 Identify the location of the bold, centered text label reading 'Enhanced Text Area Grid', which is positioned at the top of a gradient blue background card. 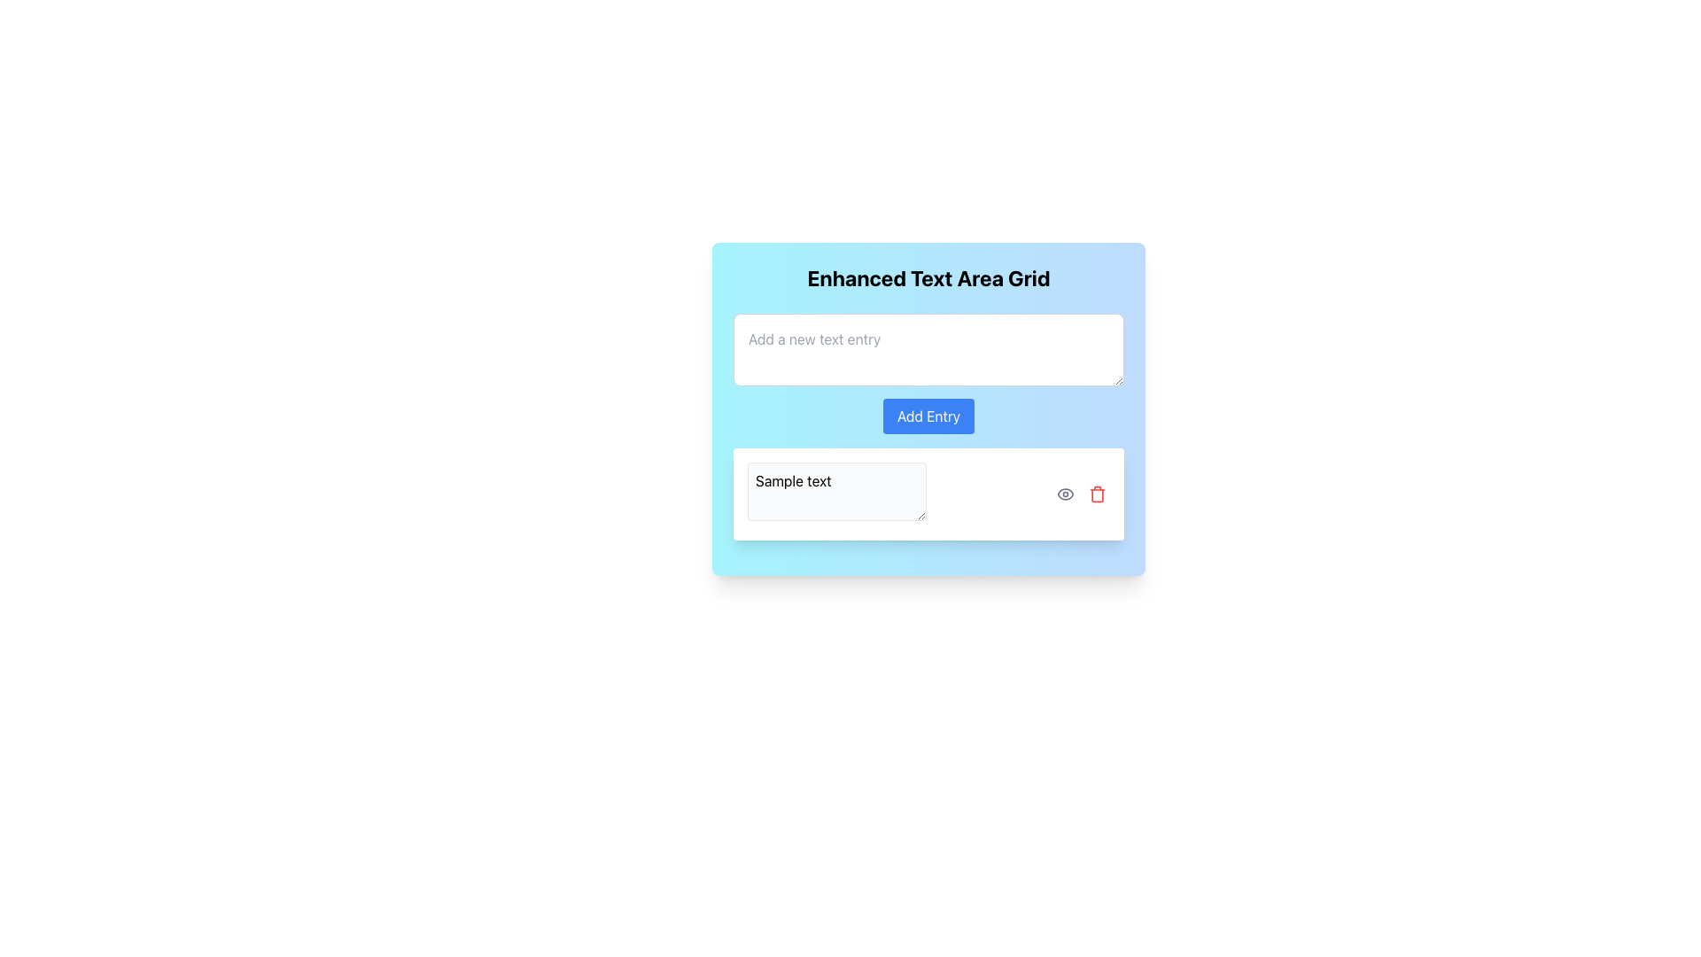
(928, 277).